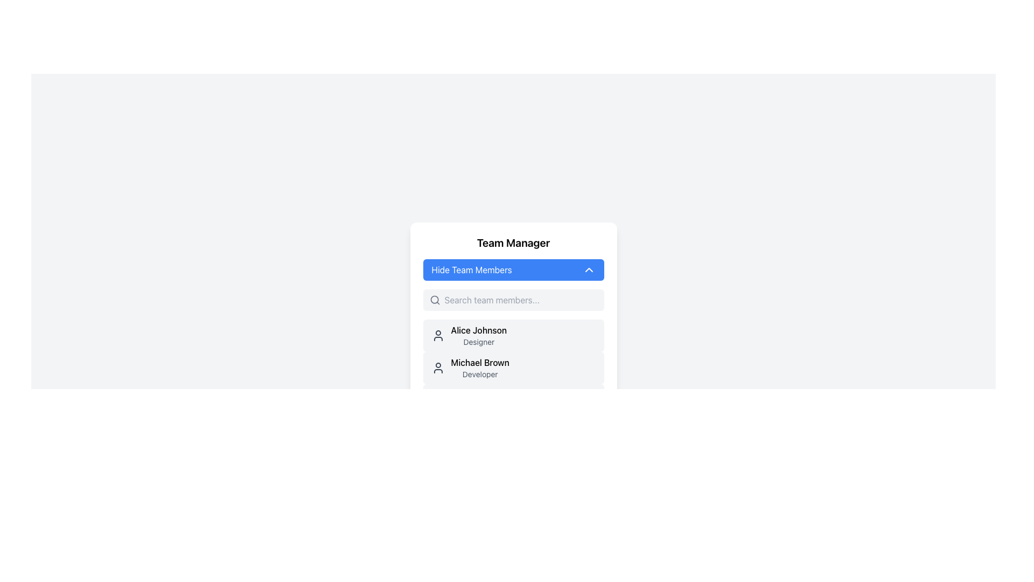 Image resolution: width=1034 pixels, height=582 pixels. I want to click on the 'Hide Team Members' button, which is a rectangular button with rounded corners in vibrant blue color, so click(513, 269).